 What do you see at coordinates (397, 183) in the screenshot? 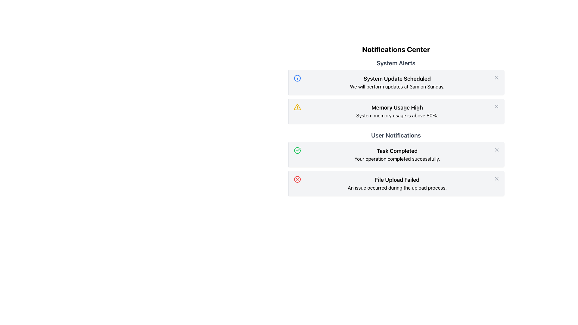
I see `error notification text displayed in the fourth notification of the Notifications Center, which indicates a failed file upload operation` at bounding box center [397, 183].